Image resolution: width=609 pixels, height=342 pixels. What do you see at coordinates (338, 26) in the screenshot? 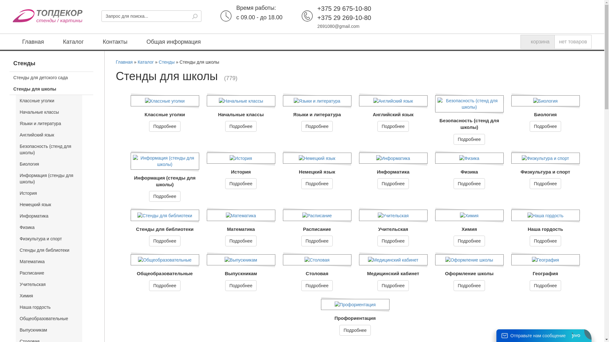
I see `'2691080@gmail.com'` at bounding box center [338, 26].